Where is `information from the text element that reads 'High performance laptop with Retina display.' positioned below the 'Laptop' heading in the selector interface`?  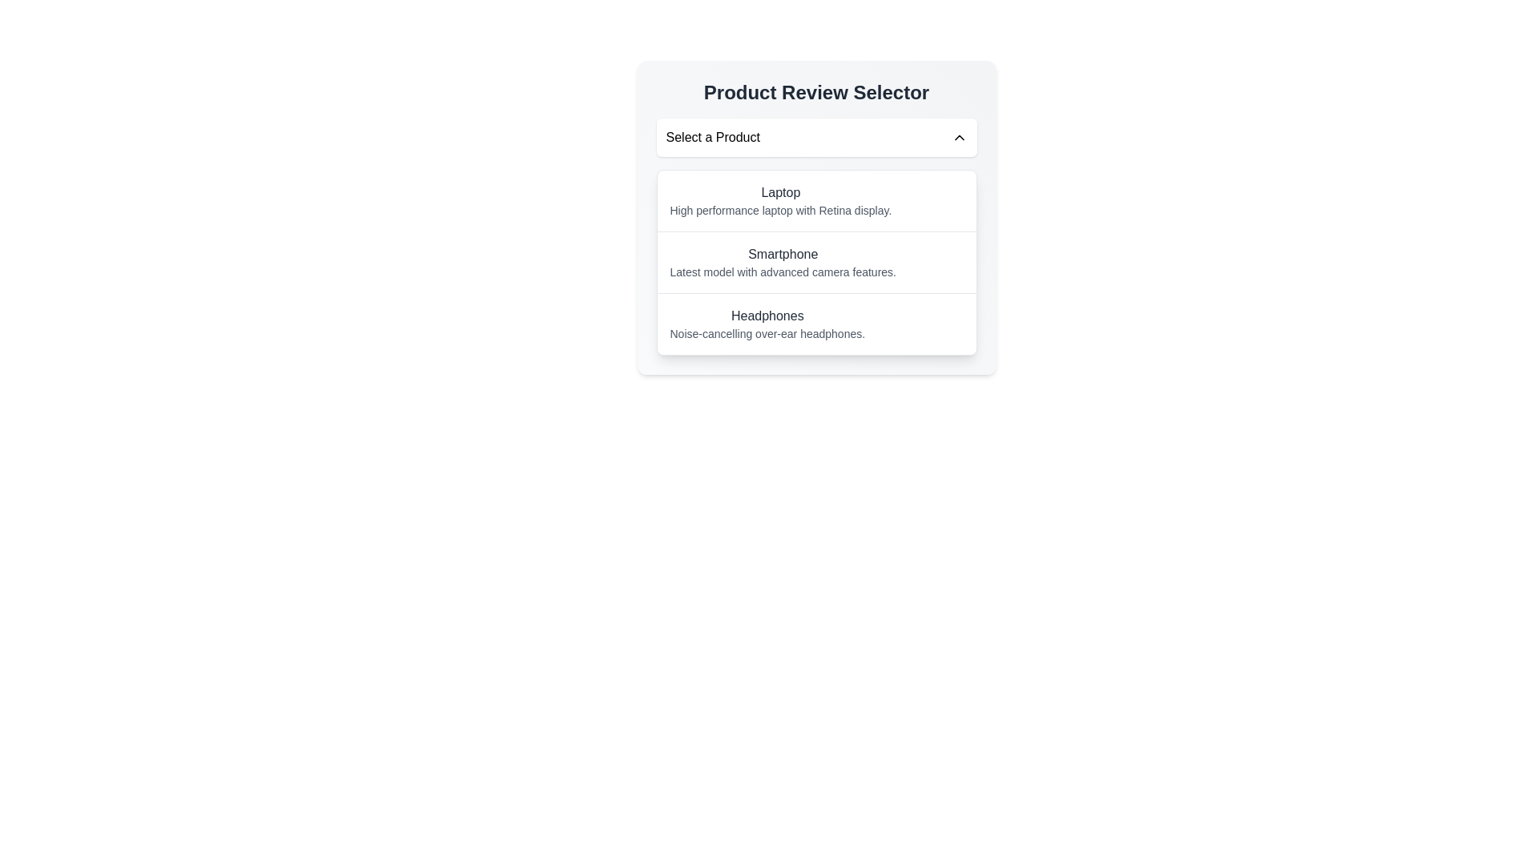
information from the text element that reads 'High performance laptop with Retina display.' positioned below the 'Laptop' heading in the selector interface is located at coordinates (780, 209).